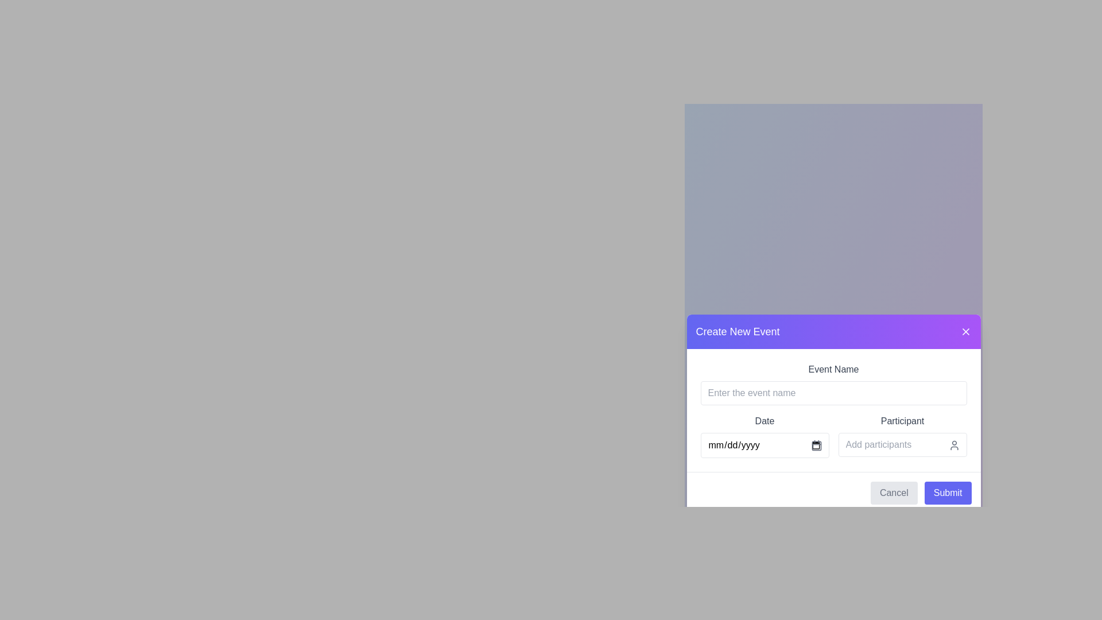  What do you see at coordinates (902, 421) in the screenshot?
I see `the label in the 'Create New Event' modal dialog box, which identifies or describes a related field, located below the date field and above the 'Add participants' input` at bounding box center [902, 421].